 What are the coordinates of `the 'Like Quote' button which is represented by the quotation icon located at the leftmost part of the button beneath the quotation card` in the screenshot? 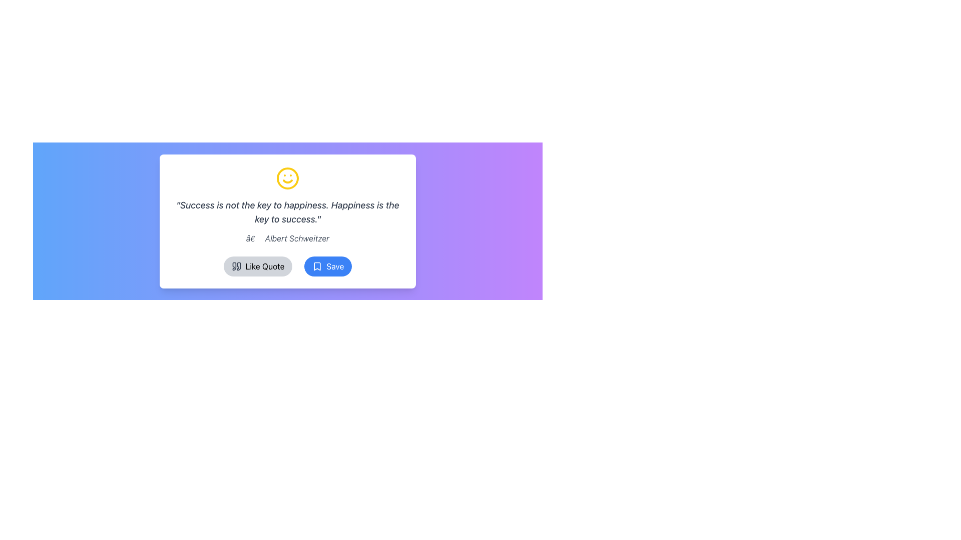 It's located at (236, 265).